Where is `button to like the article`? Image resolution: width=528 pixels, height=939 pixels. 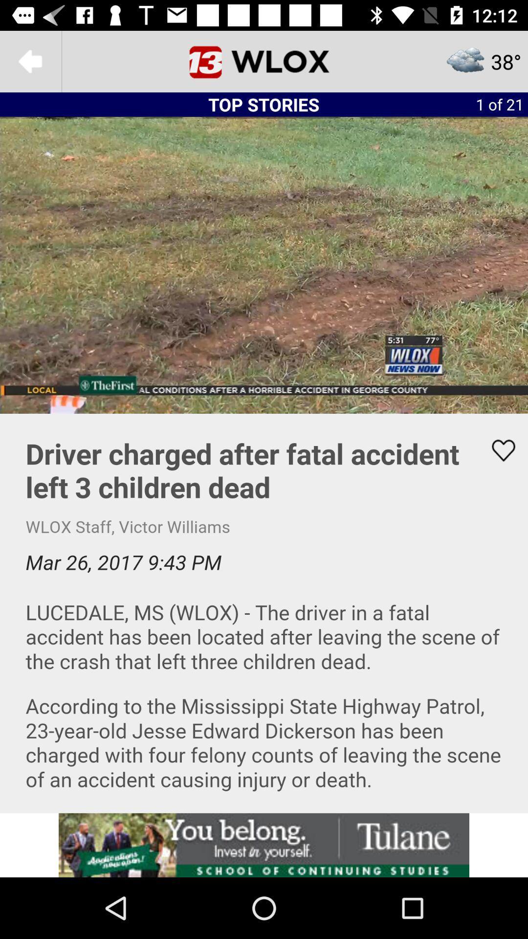 button to like the article is located at coordinates (497, 450).